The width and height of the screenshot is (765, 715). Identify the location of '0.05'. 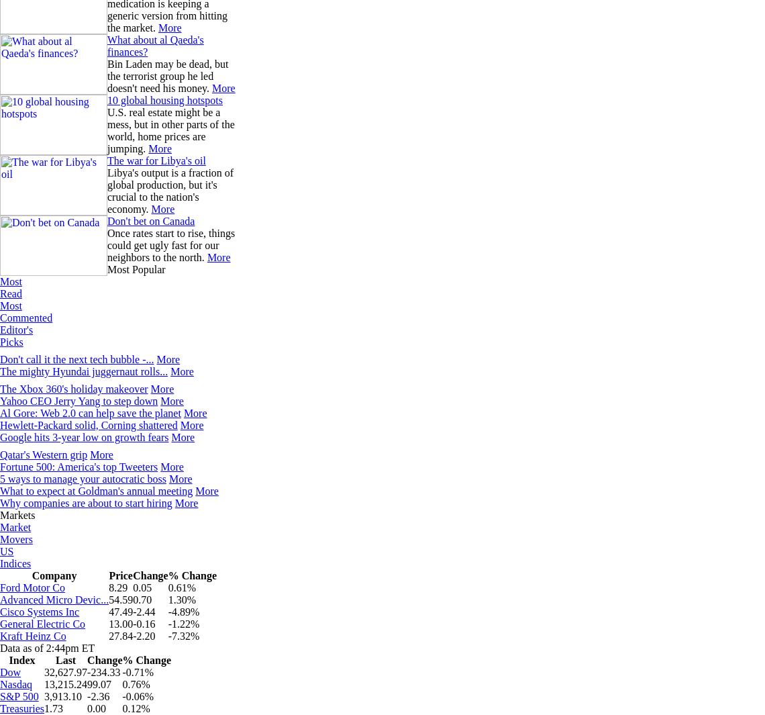
(142, 587).